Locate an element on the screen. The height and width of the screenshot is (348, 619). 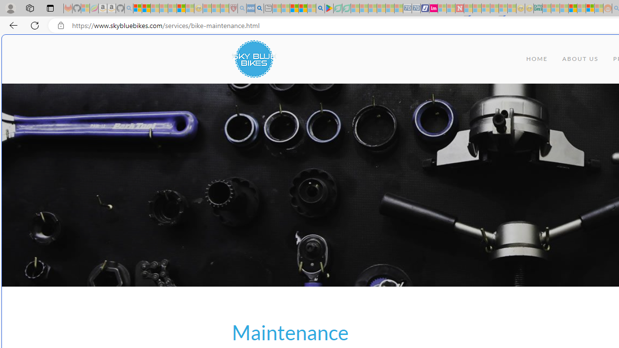
'HOME' is located at coordinates (536, 59).